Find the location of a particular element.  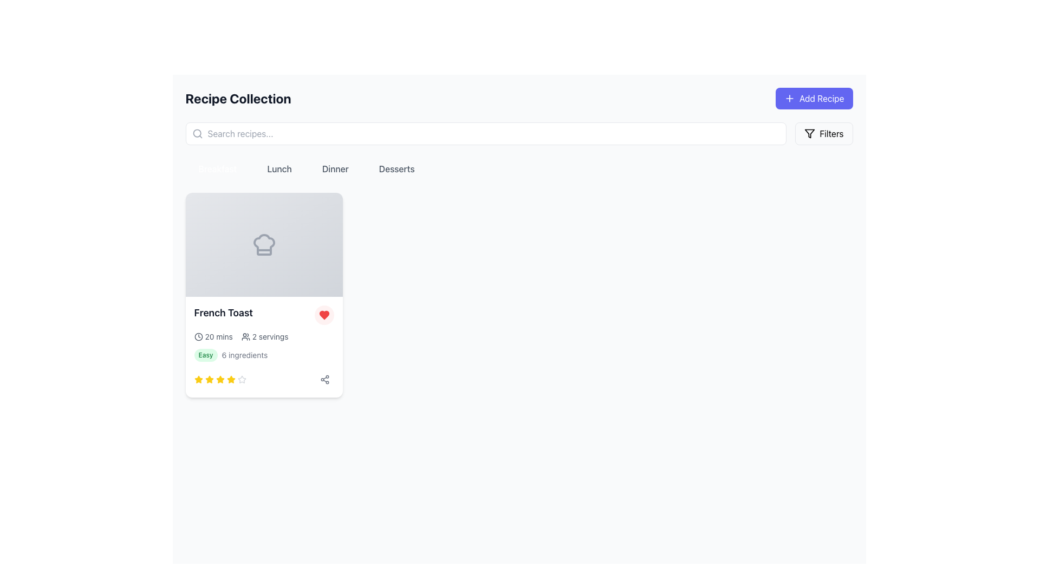

the 'Dinner' button, which is the third option in a horizontal layout of text buttons, to change its background color to blue is located at coordinates (335, 169).